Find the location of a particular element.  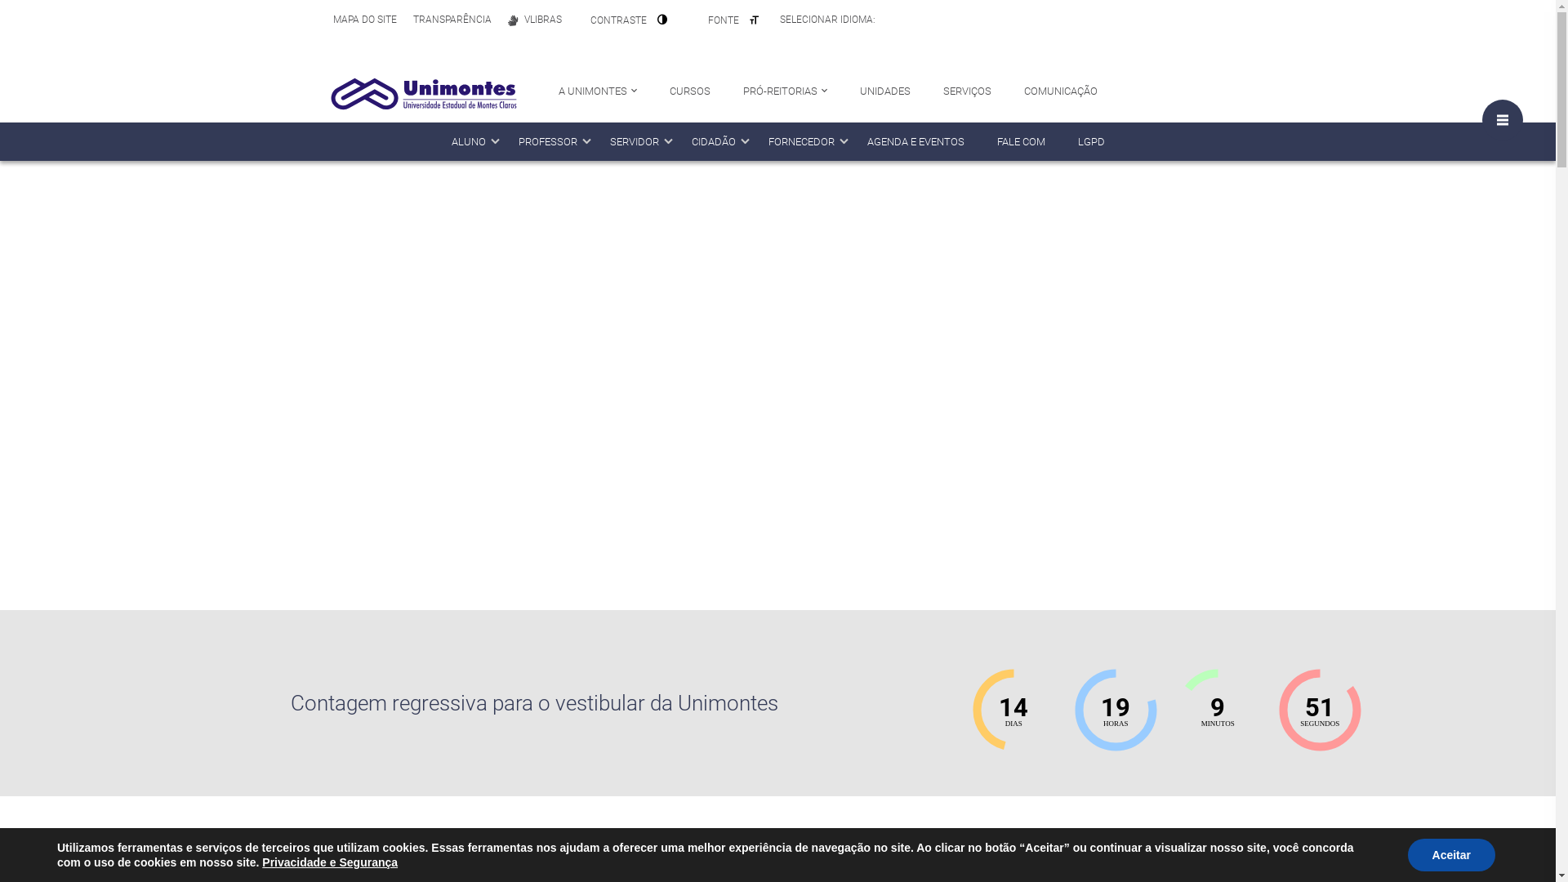

'Aceitar' is located at coordinates (1406, 853).